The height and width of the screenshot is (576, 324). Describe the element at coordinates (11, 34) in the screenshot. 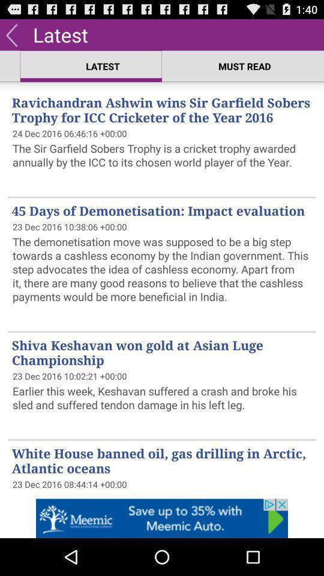

I see `go back` at that location.